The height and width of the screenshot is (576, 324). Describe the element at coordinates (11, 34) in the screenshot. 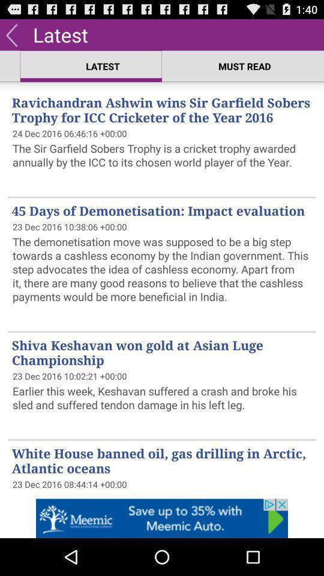

I see `go back` at that location.